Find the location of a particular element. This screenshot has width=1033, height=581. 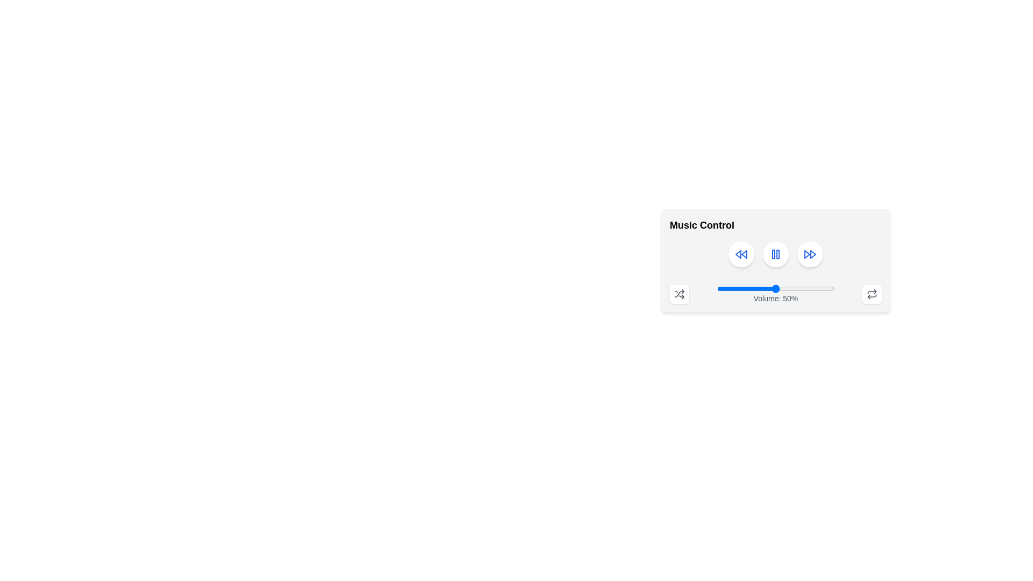

the circular pause button with a white background and blue pause icon in the music player control panel is located at coordinates (775, 254).